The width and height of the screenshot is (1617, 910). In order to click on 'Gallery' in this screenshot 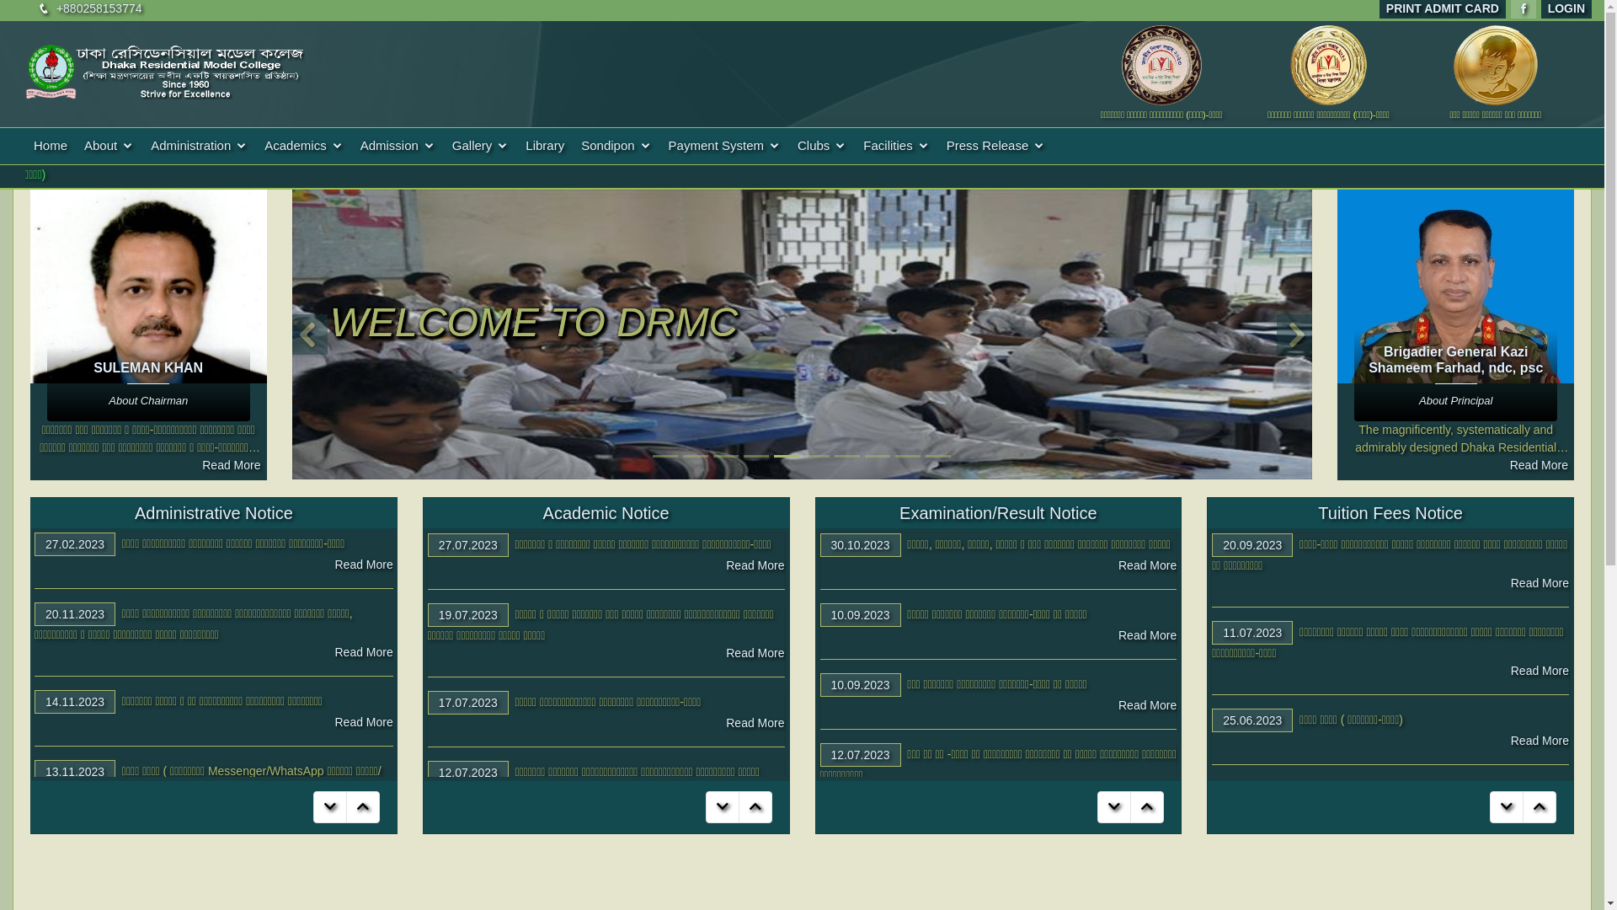, I will do `click(480, 145)`.